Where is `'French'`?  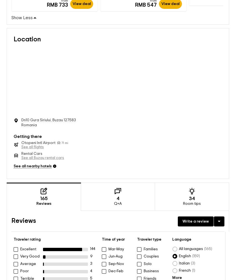 'French' is located at coordinates (179, 265).